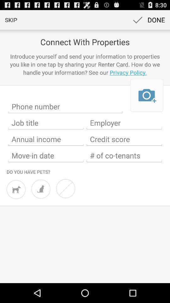  What do you see at coordinates (85, 64) in the screenshot?
I see `introduce yourself and app` at bounding box center [85, 64].